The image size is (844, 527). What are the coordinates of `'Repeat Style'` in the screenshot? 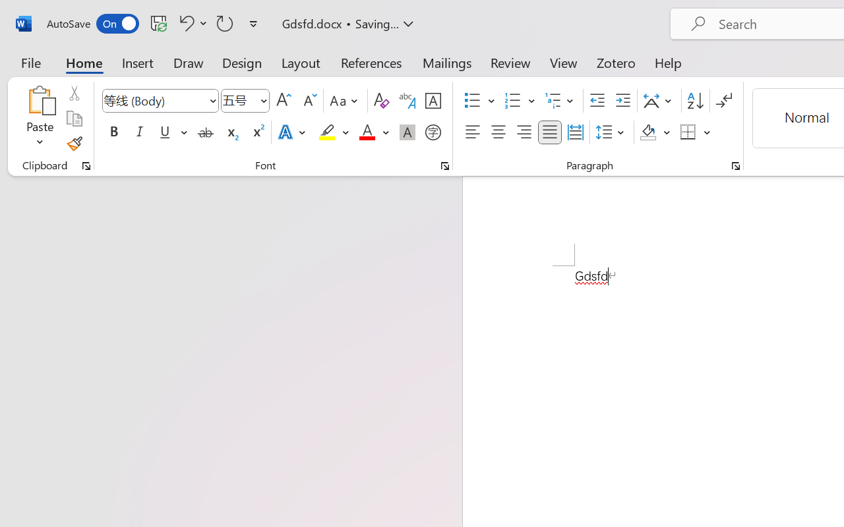 It's located at (225, 22).